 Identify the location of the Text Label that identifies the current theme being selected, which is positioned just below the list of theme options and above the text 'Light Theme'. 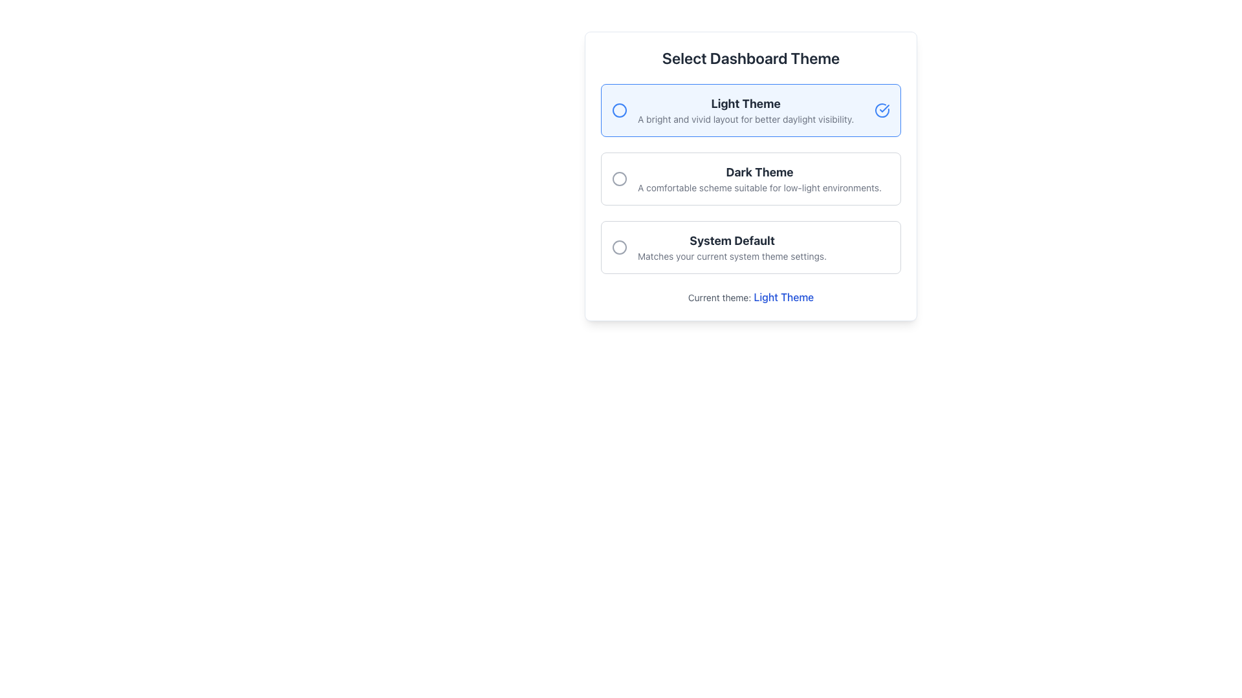
(719, 297).